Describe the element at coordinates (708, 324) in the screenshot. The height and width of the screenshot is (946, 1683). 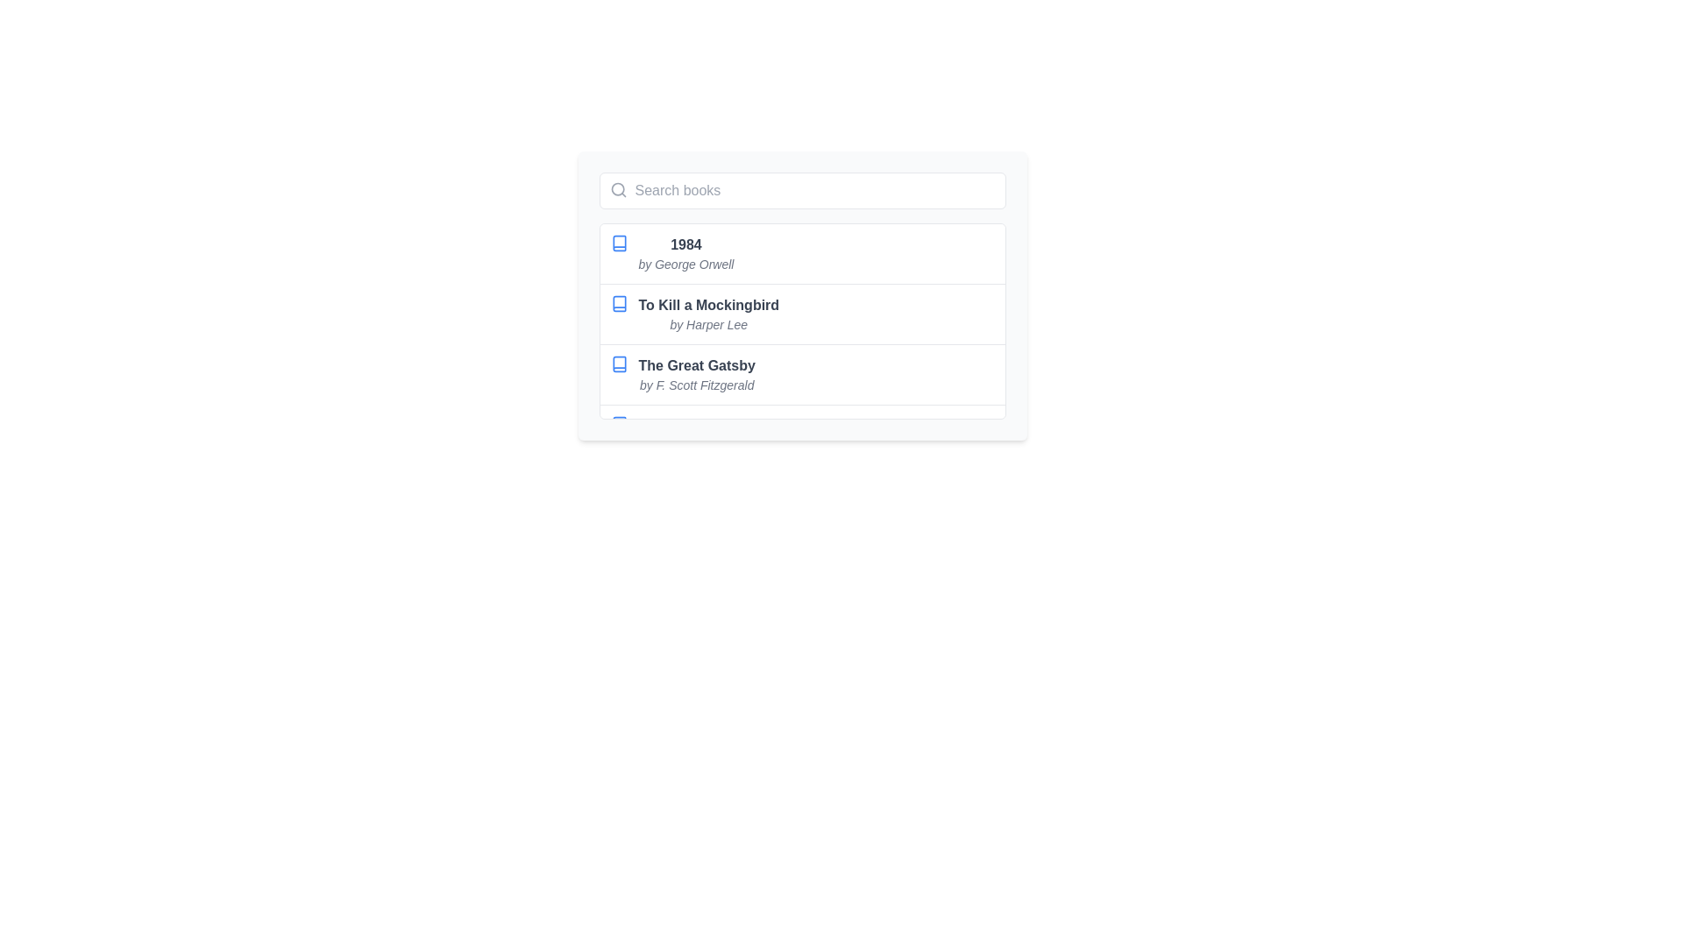
I see `the text label displaying the author's name located directly below the book title 'To Kill a Mockingbird'` at that location.